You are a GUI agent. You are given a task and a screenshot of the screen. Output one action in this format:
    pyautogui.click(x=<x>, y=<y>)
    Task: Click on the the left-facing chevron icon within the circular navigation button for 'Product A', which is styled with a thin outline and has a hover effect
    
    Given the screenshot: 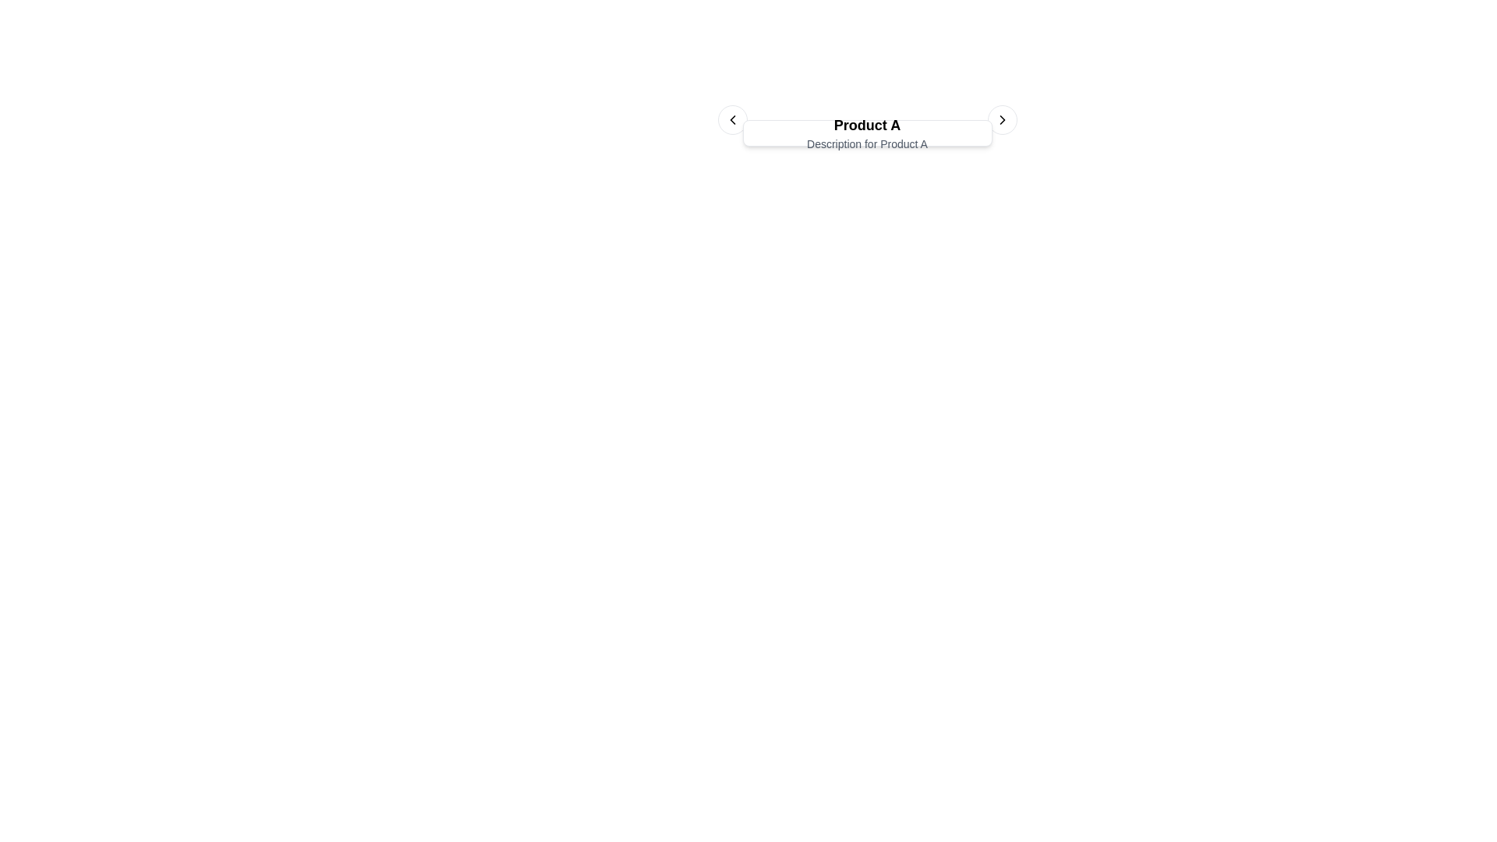 What is the action you would take?
    pyautogui.click(x=731, y=119)
    